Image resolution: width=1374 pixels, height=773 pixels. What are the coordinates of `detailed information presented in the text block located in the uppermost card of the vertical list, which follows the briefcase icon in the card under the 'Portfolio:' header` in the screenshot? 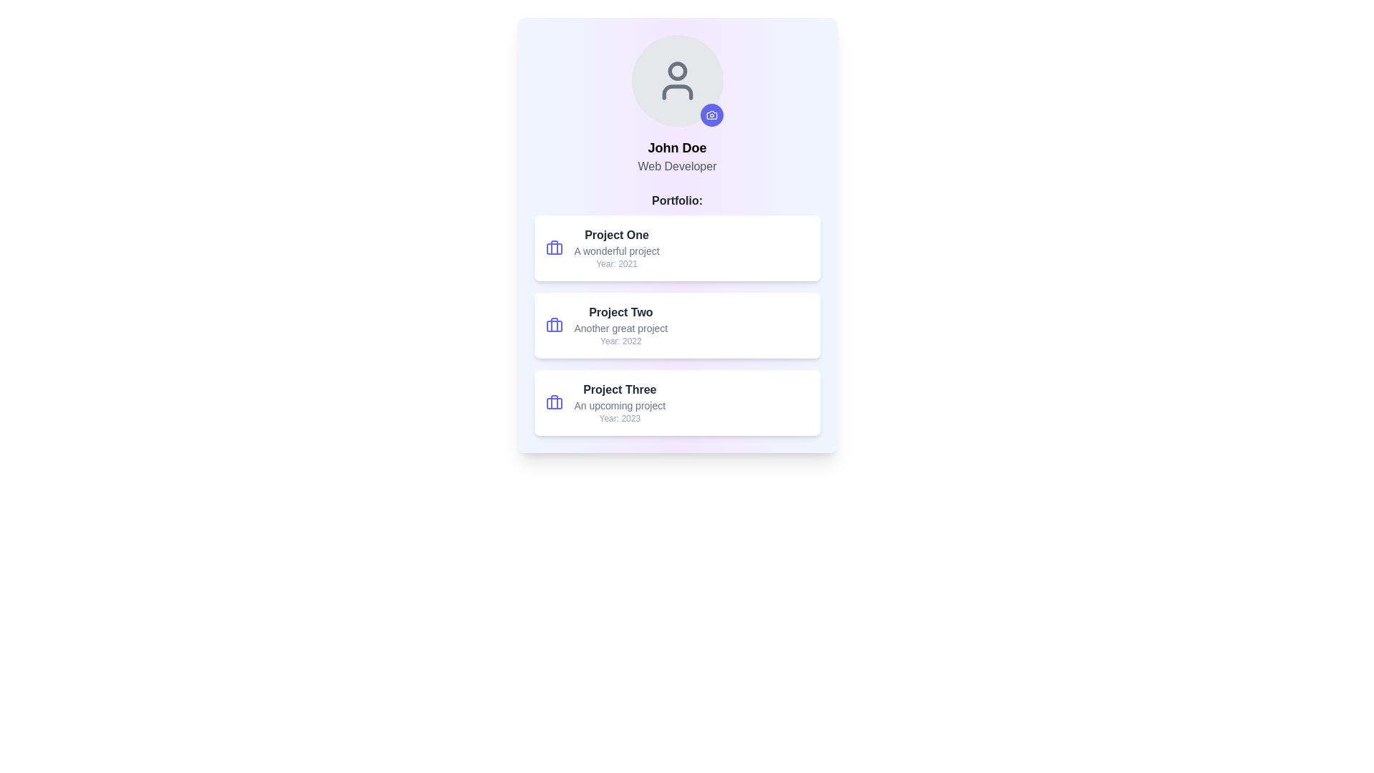 It's located at (617, 248).